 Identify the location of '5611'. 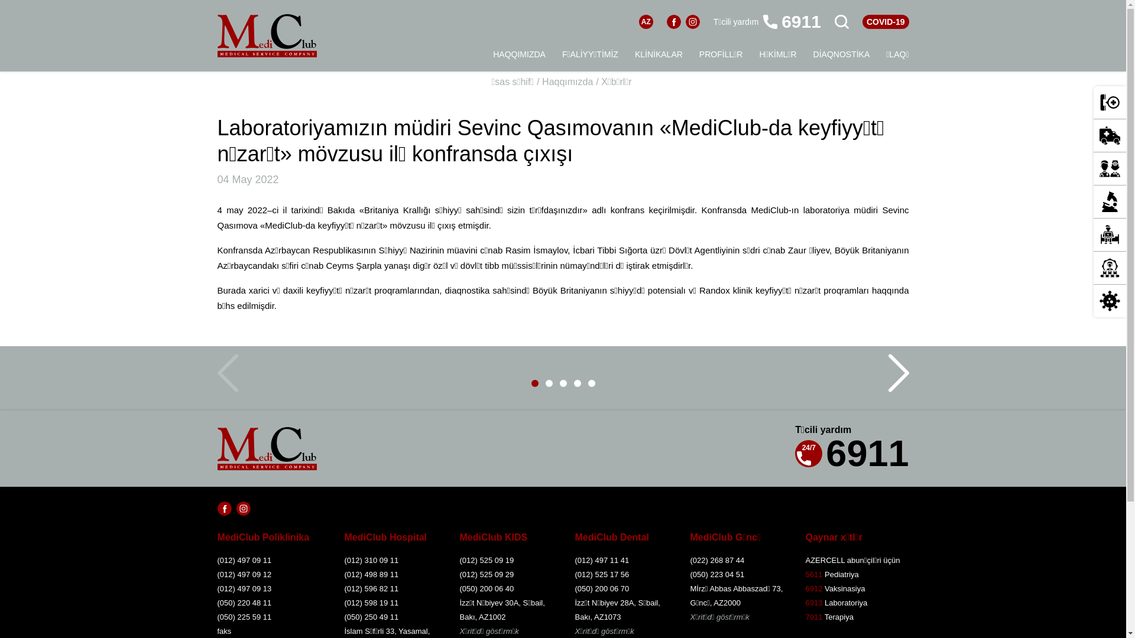
(805, 574).